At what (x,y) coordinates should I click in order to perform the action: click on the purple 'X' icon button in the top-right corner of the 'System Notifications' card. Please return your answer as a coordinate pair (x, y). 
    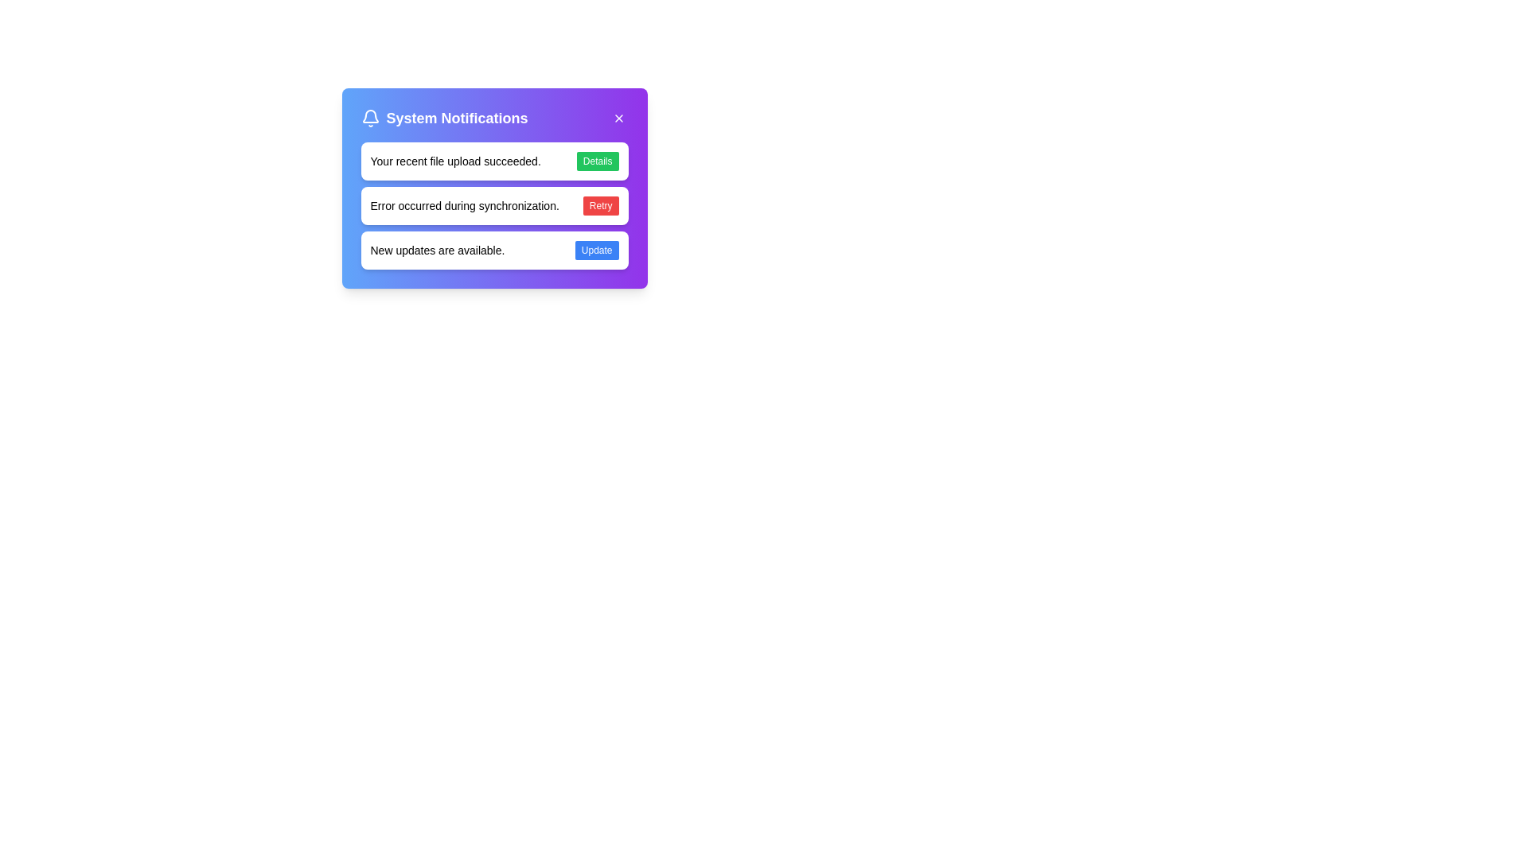
    Looking at the image, I should click on (618, 118).